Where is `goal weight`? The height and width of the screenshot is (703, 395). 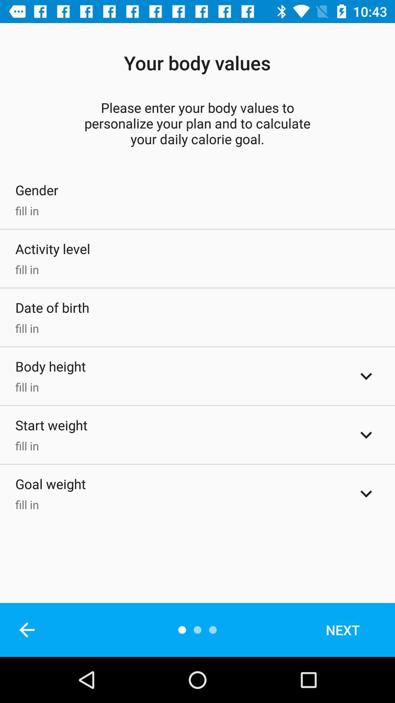 goal weight is located at coordinates (366, 494).